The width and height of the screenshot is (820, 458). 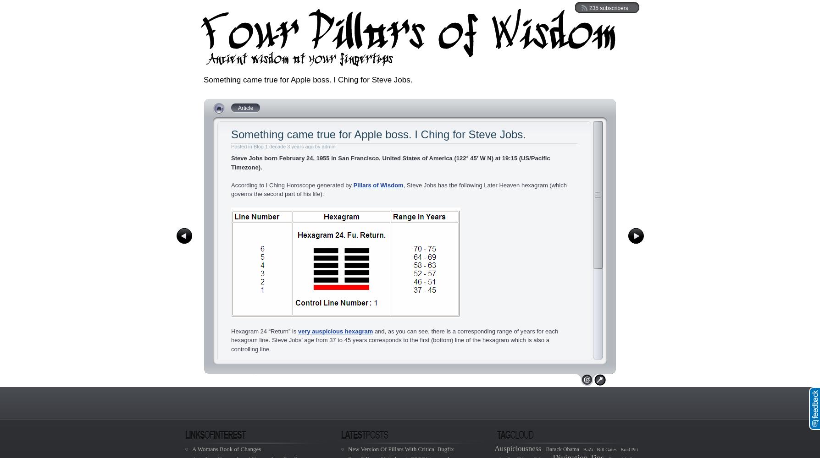 I want to click on 'Bill Gates', so click(x=606, y=449).